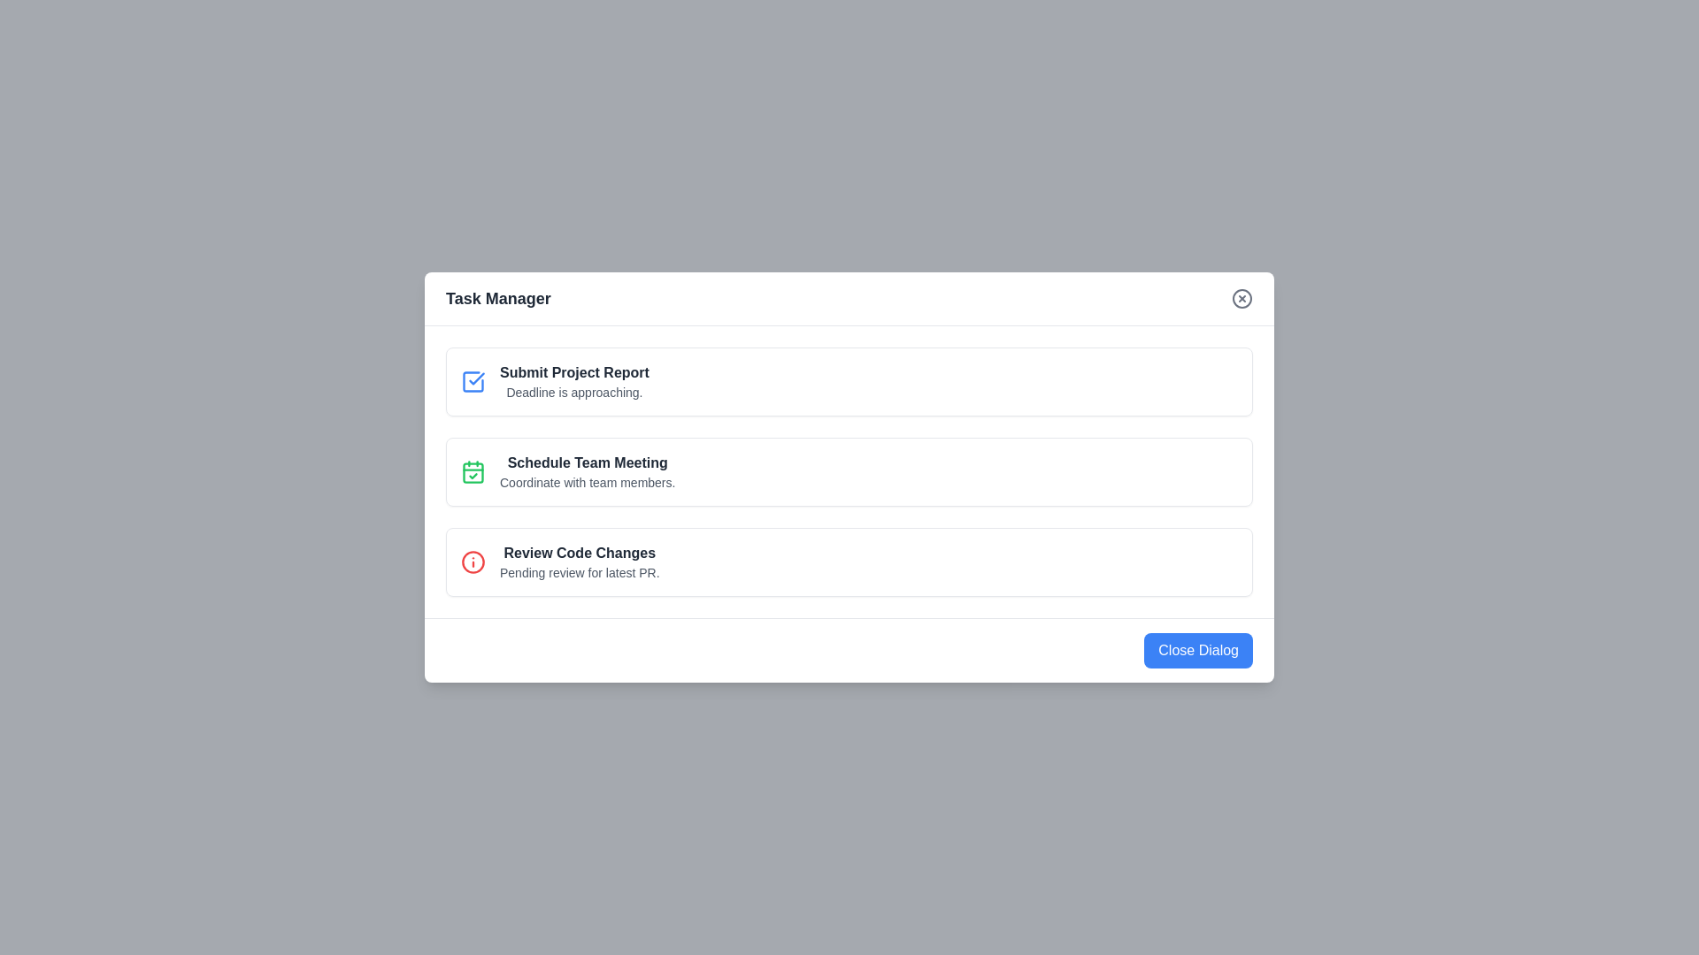  I want to click on the icon for the task titled 'Schedule Team Meeting', so click(473, 470).